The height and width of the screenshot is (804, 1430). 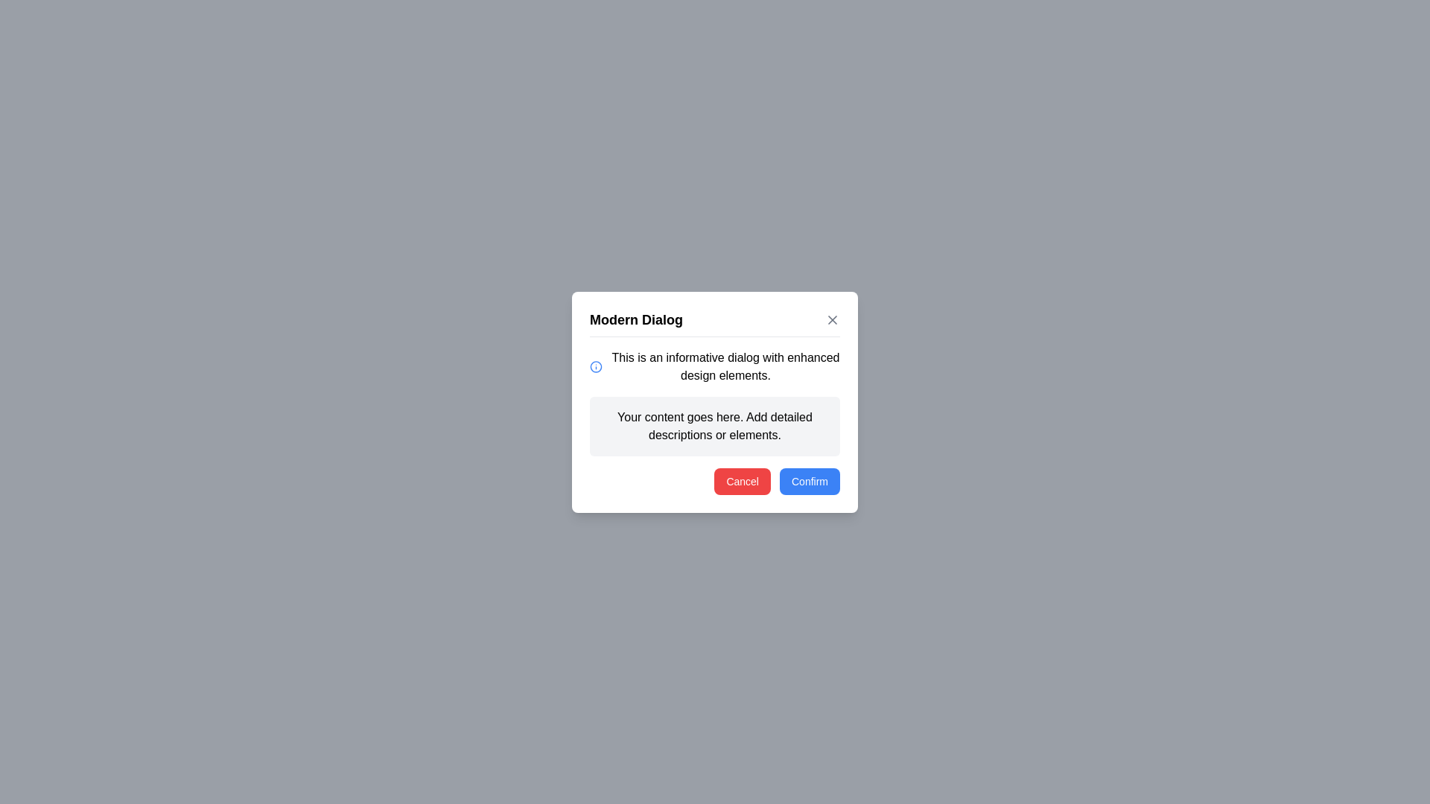 What do you see at coordinates (743, 481) in the screenshot?
I see `the red 'Cancel' button with rounded edges, located at the bottom left of the dialog` at bounding box center [743, 481].